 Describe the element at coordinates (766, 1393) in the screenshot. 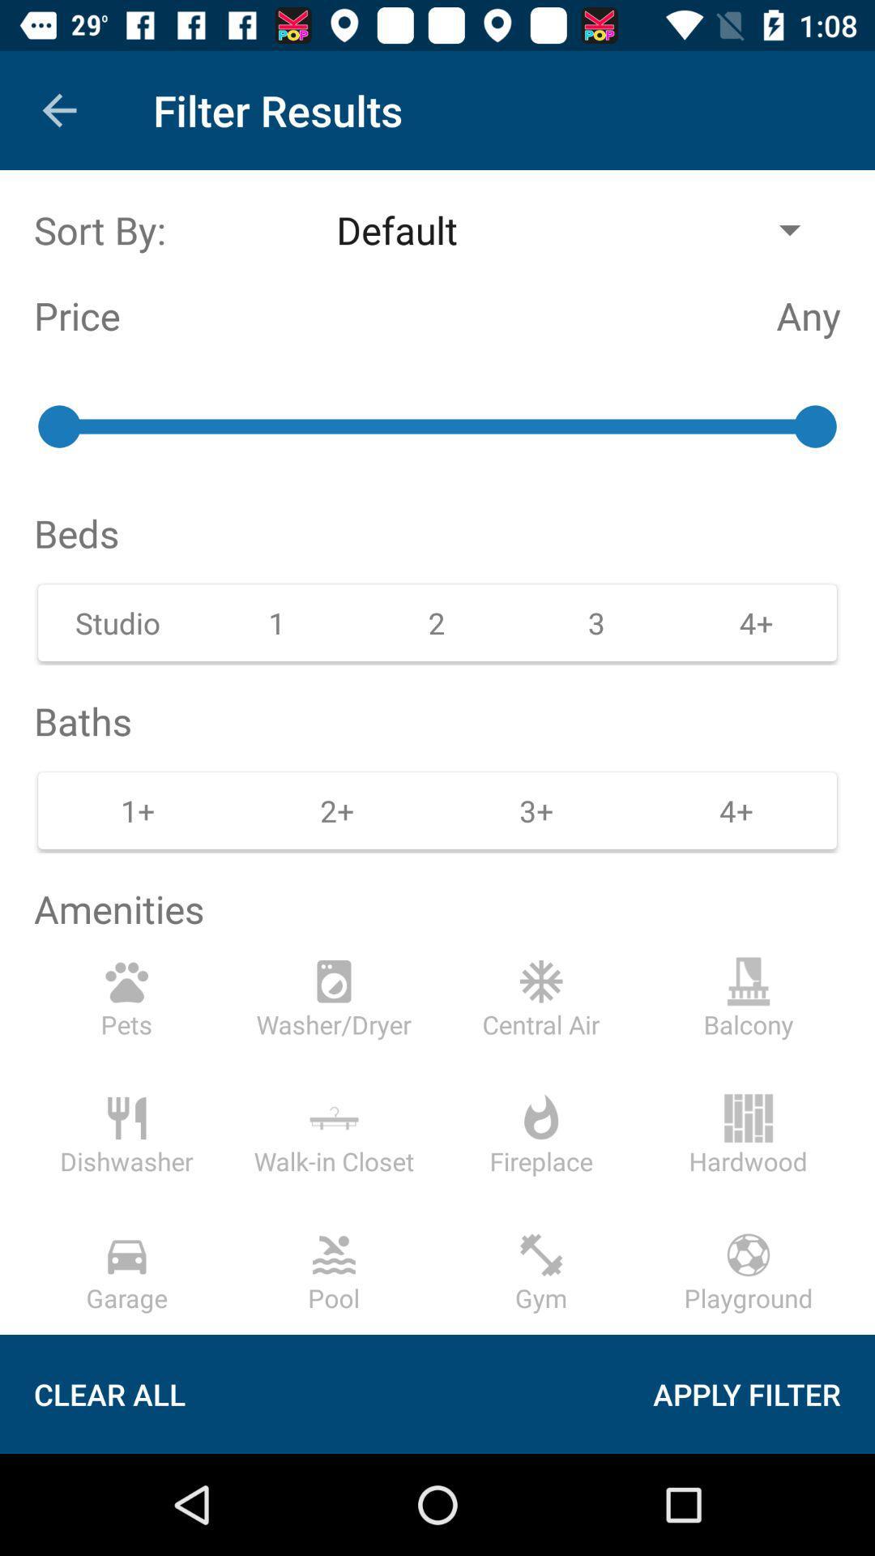

I see `apply filter shown on the bottom right corner` at that location.